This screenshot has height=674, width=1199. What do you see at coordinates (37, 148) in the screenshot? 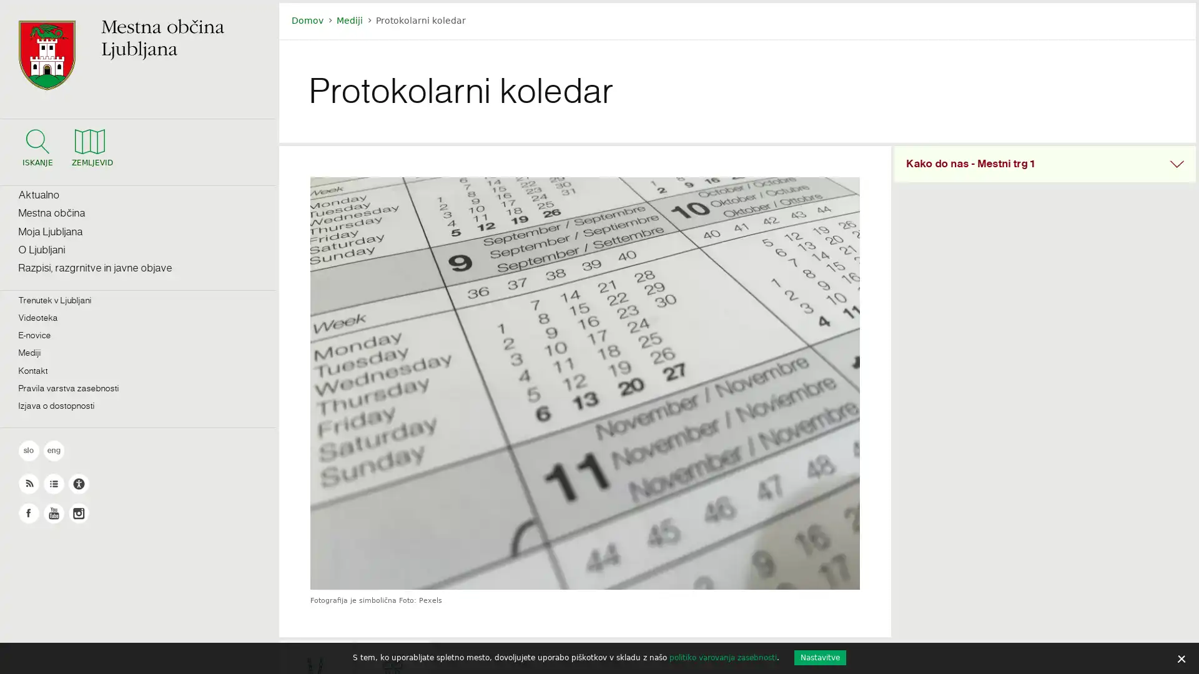
I see `Iskalnik` at bounding box center [37, 148].